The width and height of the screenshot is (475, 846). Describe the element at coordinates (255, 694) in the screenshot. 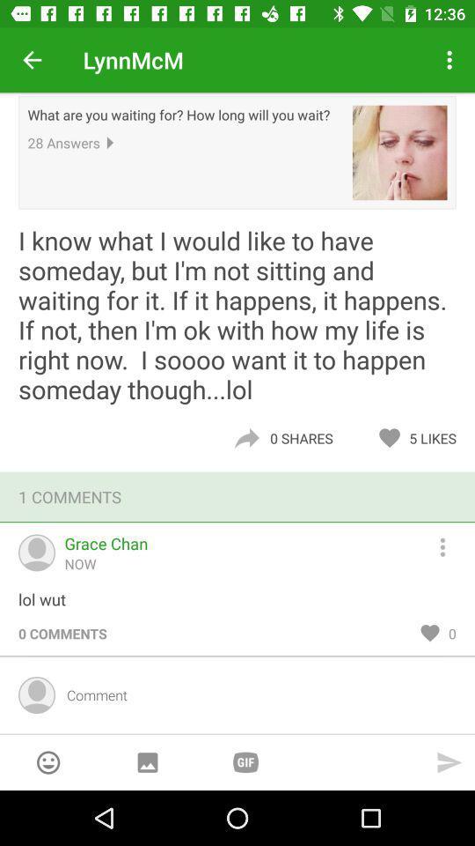

I see `comment input field` at that location.